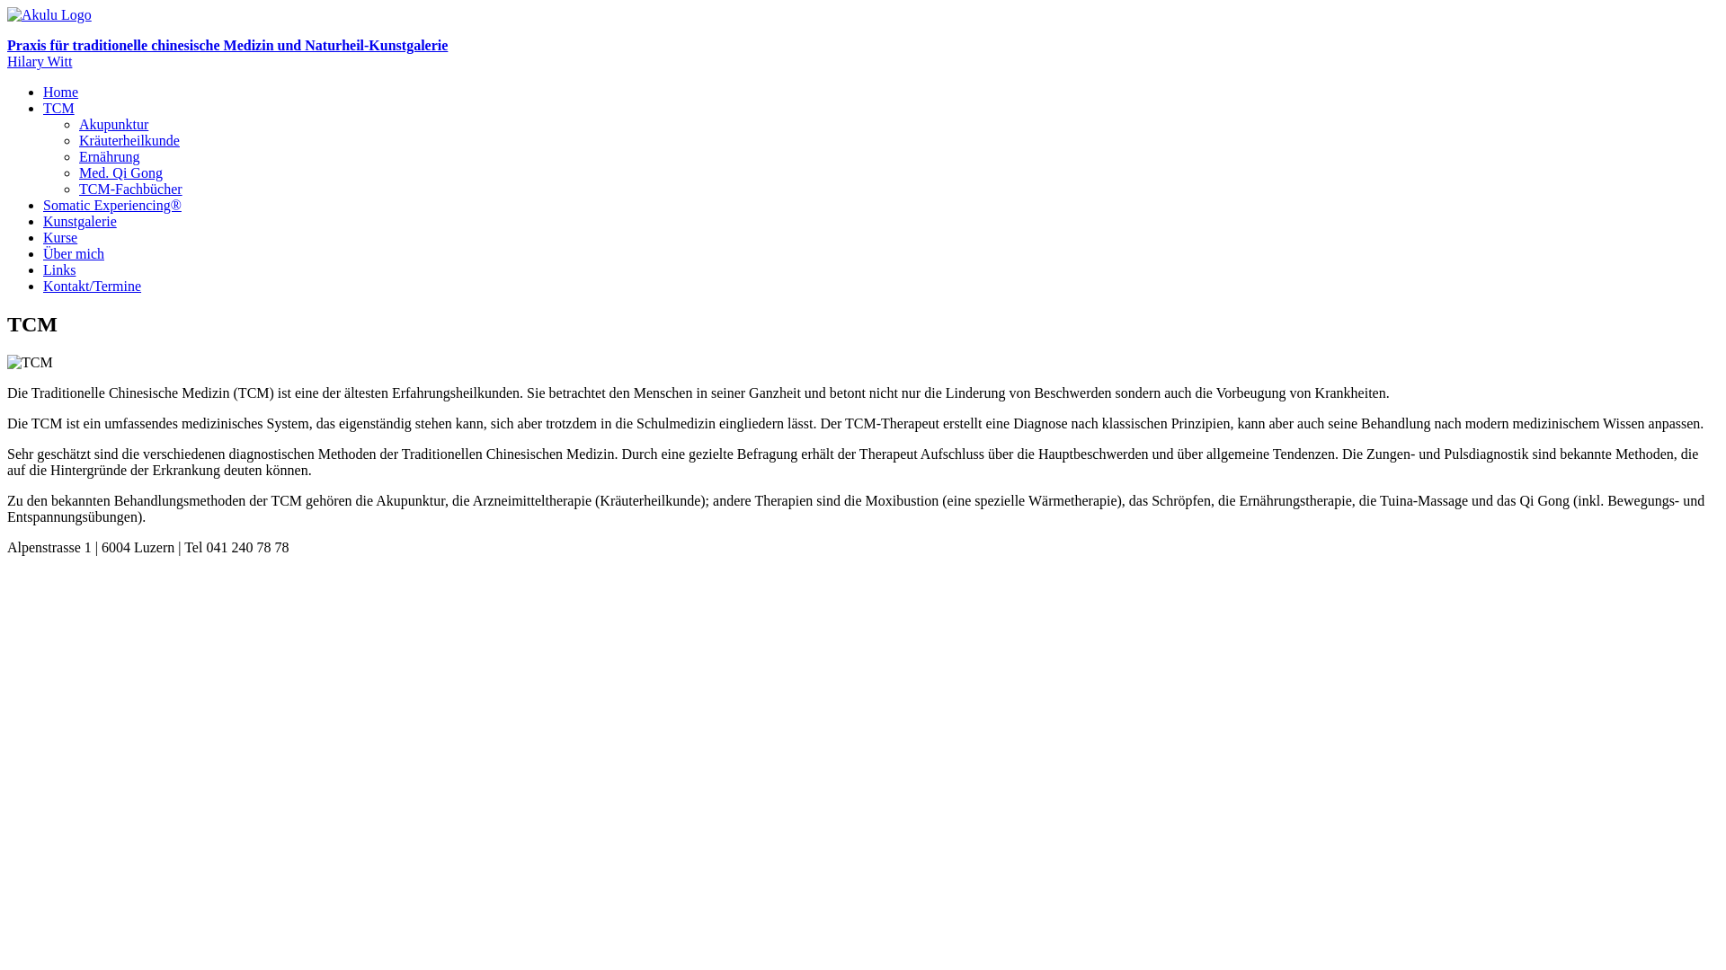  Describe the element at coordinates (112, 123) in the screenshot. I see `'Akupunktur'` at that location.